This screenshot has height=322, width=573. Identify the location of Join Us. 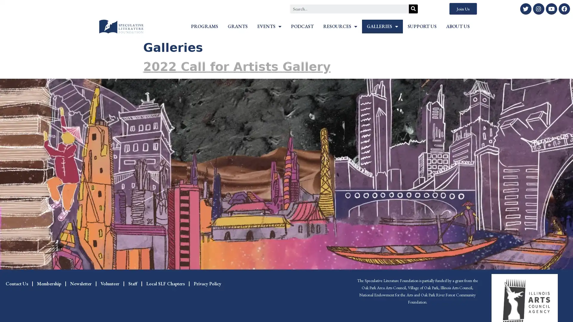
(463, 9).